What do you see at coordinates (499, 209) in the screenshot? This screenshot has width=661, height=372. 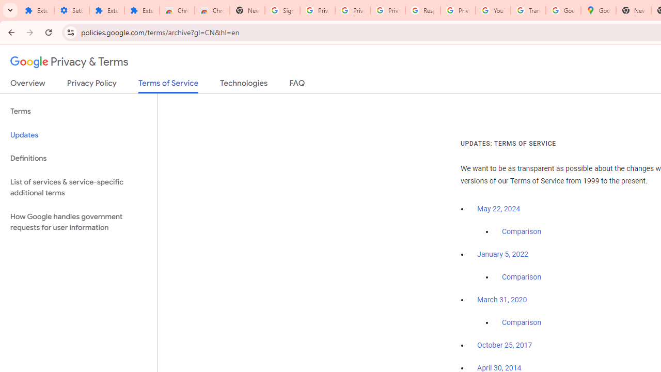 I see `'May 22, 2024'` at bounding box center [499, 209].